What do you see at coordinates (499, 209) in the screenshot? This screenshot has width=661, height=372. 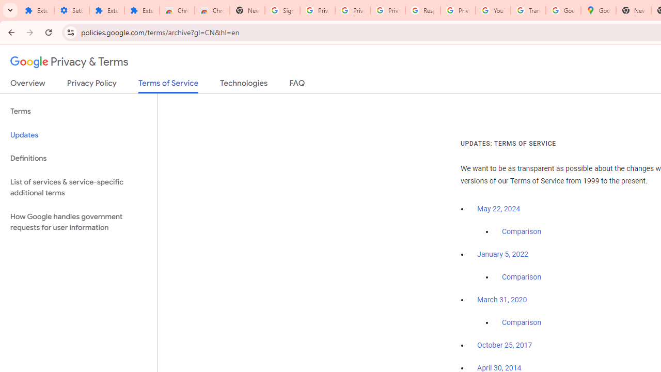 I see `'May 22, 2024'` at bounding box center [499, 209].